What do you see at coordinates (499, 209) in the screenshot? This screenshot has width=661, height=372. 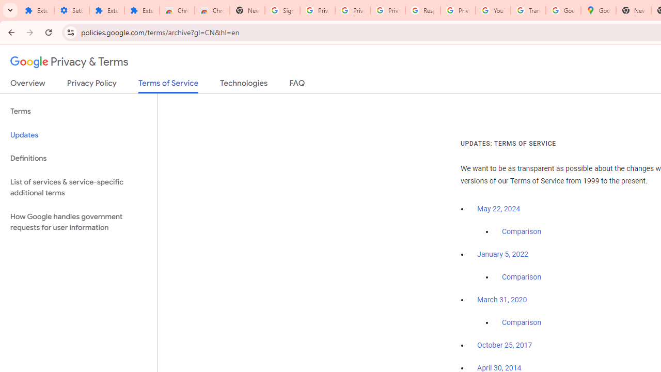 I see `'May 22, 2024'` at bounding box center [499, 209].